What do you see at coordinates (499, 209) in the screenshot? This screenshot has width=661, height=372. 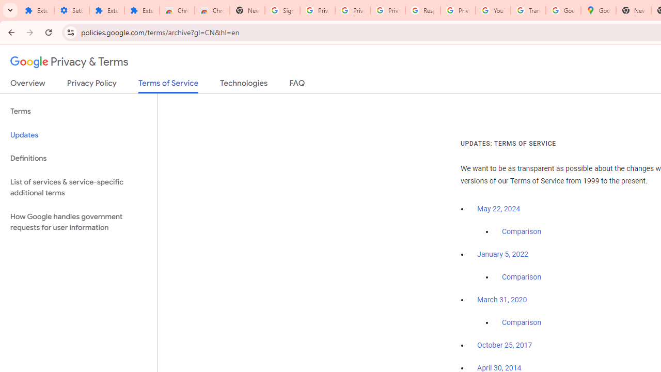 I see `'May 22, 2024'` at bounding box center [499, 209].